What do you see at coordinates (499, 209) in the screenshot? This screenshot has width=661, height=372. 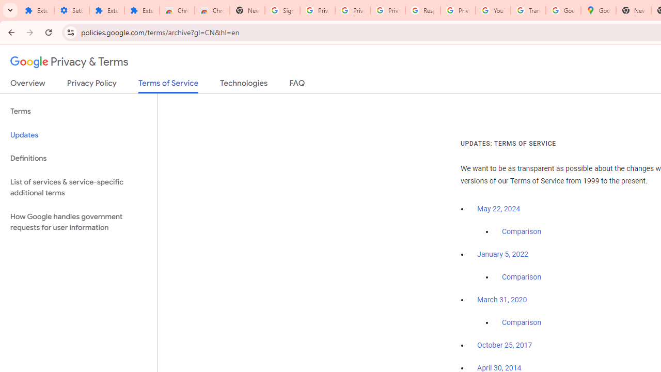 I see `'May 22, 2024'` at bounding box center [499, 209].